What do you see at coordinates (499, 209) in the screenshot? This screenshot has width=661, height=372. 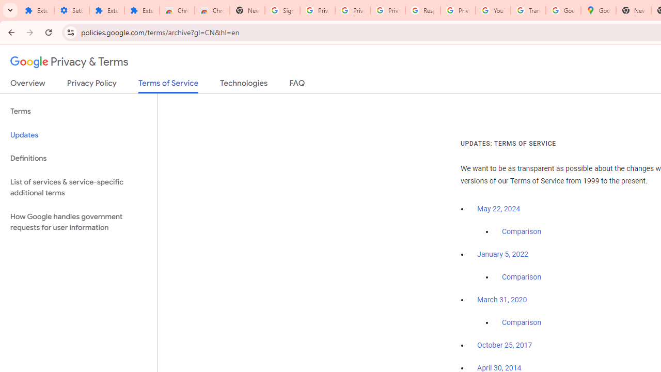 I see `'May 22, 2024'` at bounding box center [499, 209].